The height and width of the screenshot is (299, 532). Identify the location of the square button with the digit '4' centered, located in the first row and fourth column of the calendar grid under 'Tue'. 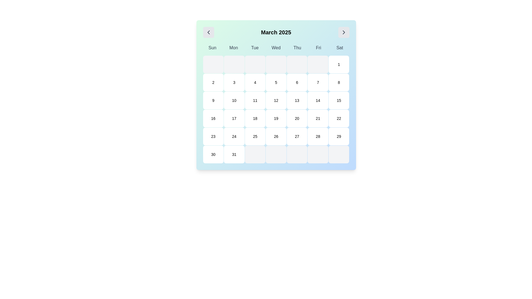
(255, 82).